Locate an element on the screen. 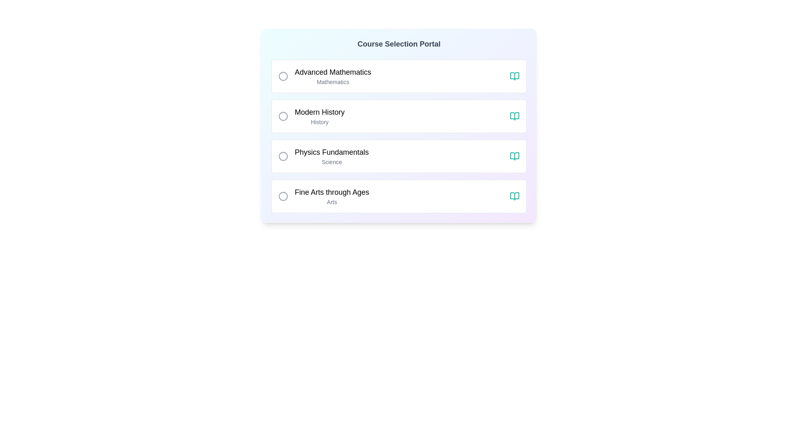 This screenshot has height=441, width=785. the teal open book icon in the 'Physics Fundamentals' row is located at coordinates (514, 156).